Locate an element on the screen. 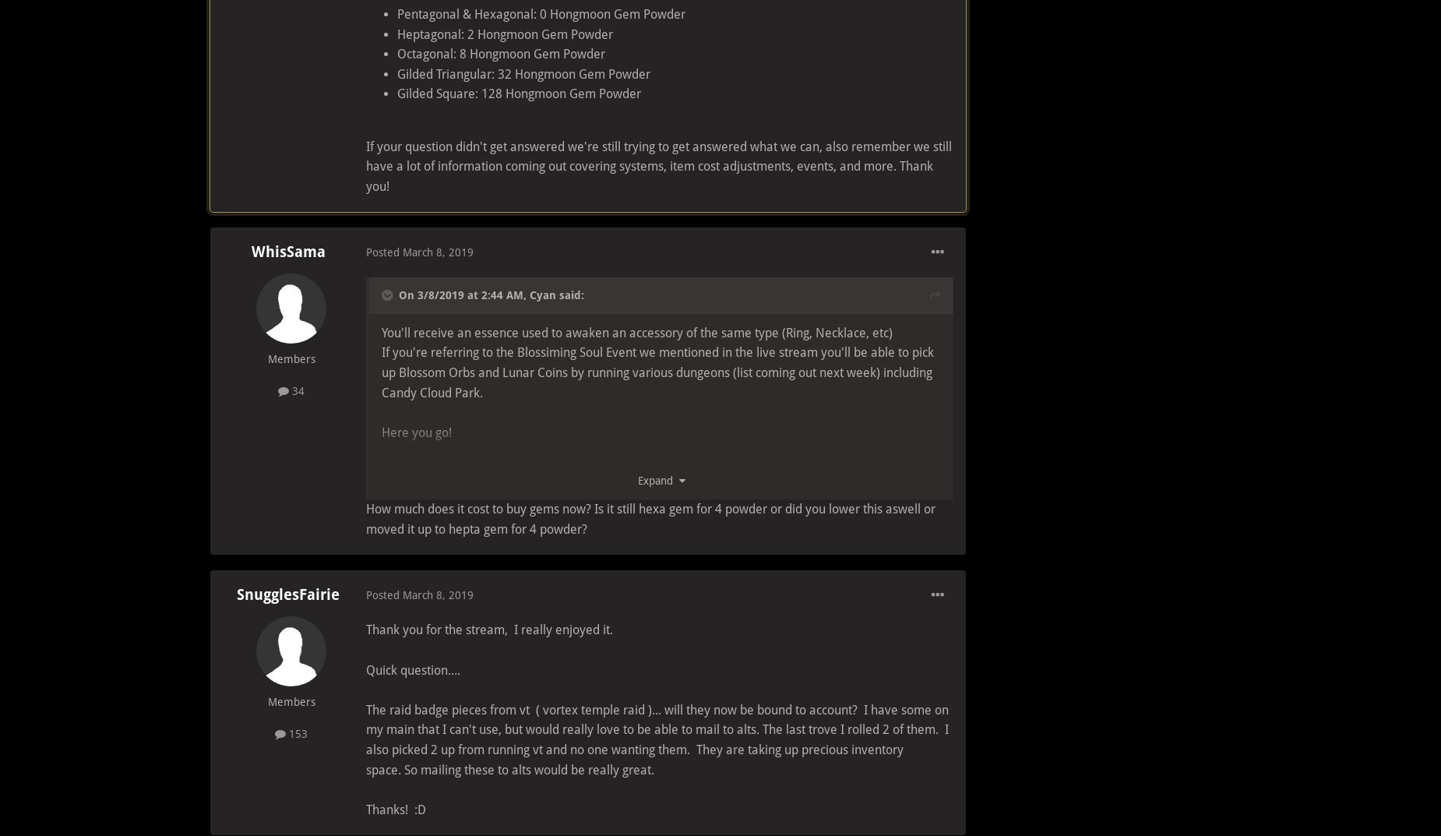 This screenshot has width=1441, height=836. 'If you're referring to the Blossiming Soul Event we mentioned in the live stream you'll be able to pick up Blossom Orbs and Lunar Coins by running various dungeons (list coming out next week) including Candy Cloud Park.' is located at coordinates (657, 372).